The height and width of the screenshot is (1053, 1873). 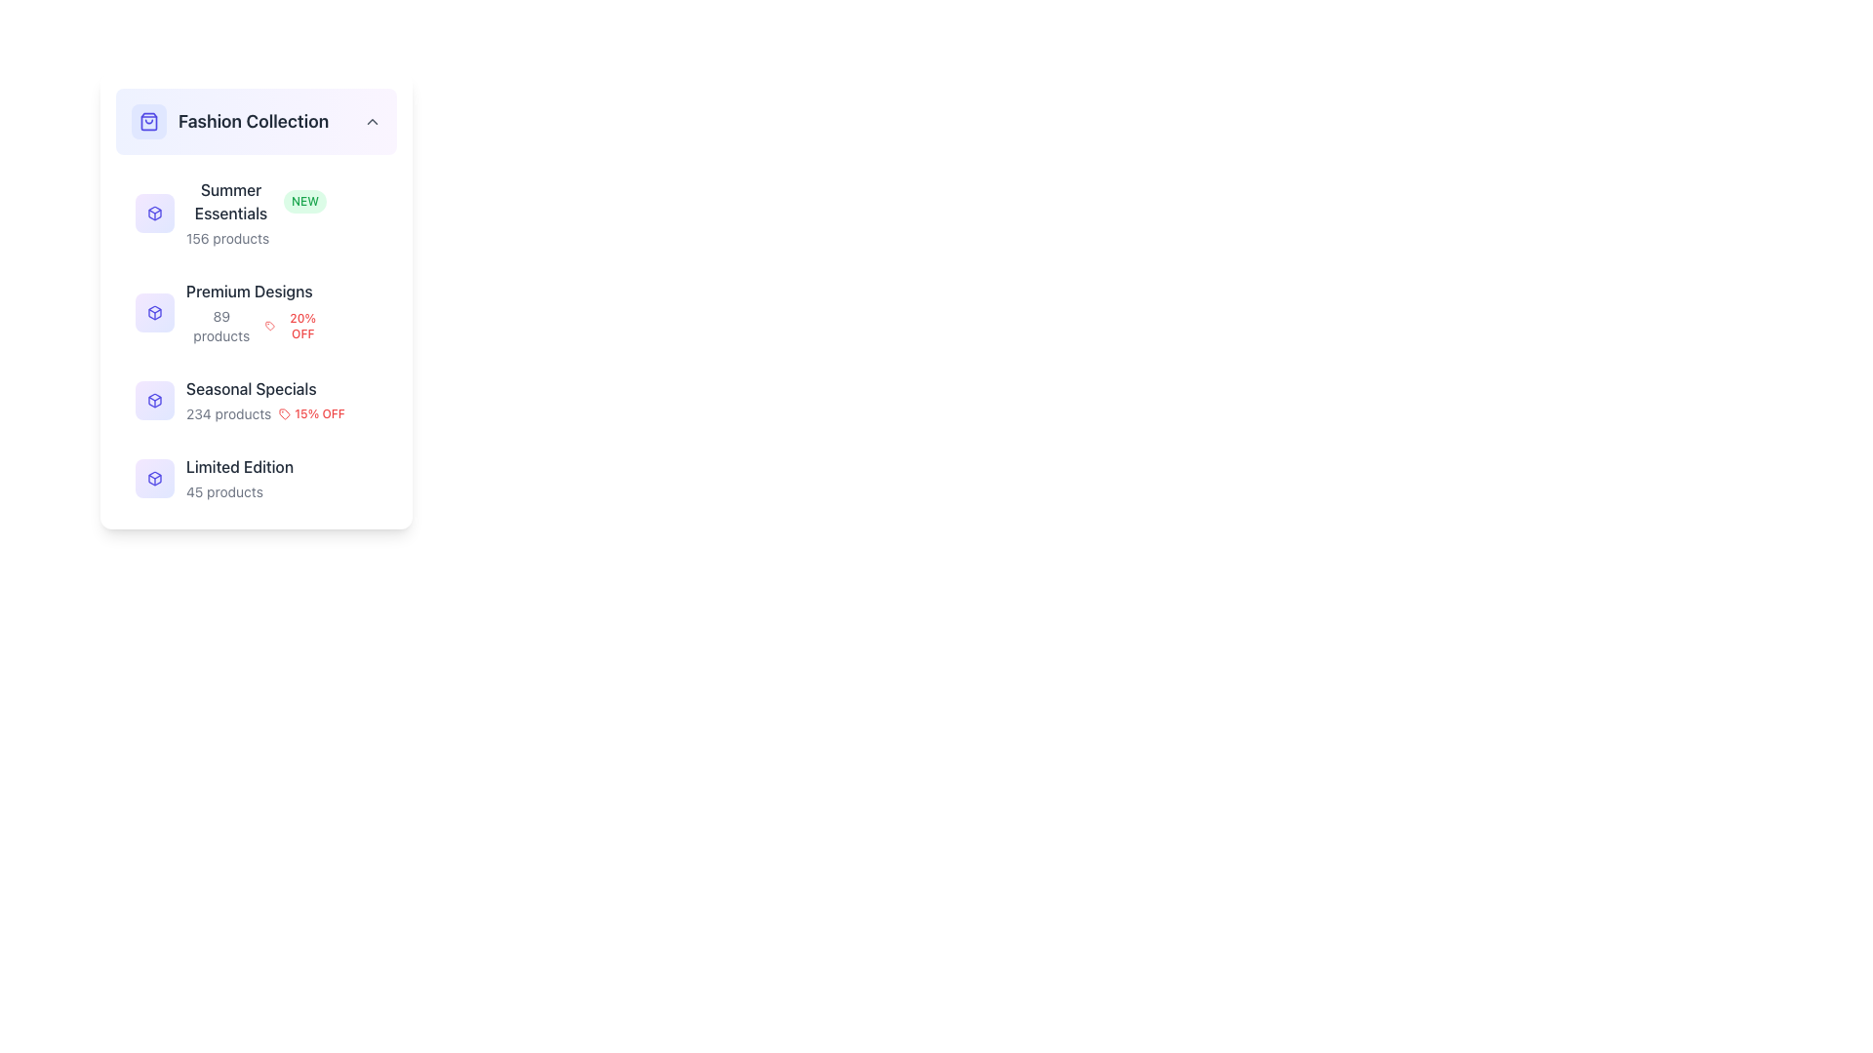 What do you see at coordinates (269, 326) in the screenshot?
I see `discount icon located within the 'Fashion Collection' card, under the 'Premium Designs' section, to the left of the '20% OFF' label` at bounding box center [269, 326].